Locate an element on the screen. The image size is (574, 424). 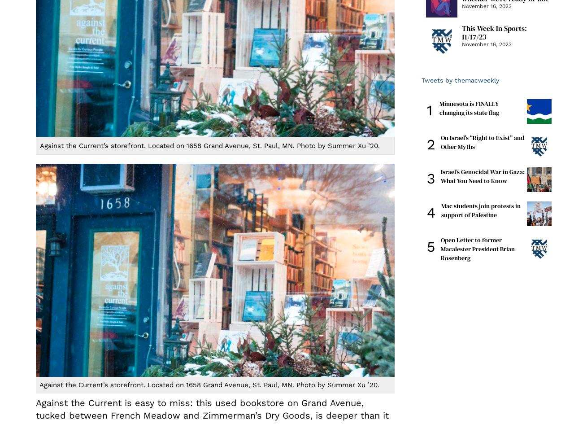
'2' is located at coordinates (431, 144).